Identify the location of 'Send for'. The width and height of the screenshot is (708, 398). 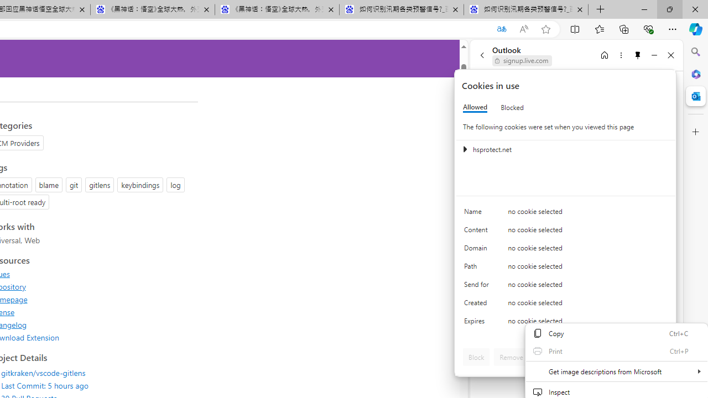
(478, 286).